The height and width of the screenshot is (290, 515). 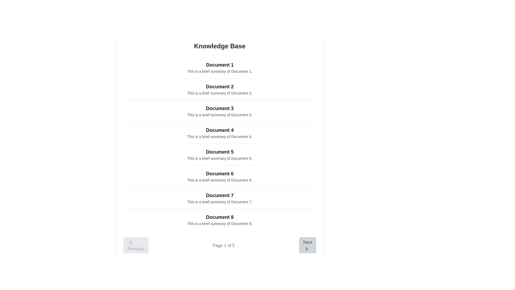 What do you see at coordinates (220, 180) in the screenshot?
I see `the text element that reads 'This is a brief summary of Document 6.' which is styled with a smaller font size and gray color, located below the title 'Document 6.'` at bounding box center [220, 180].